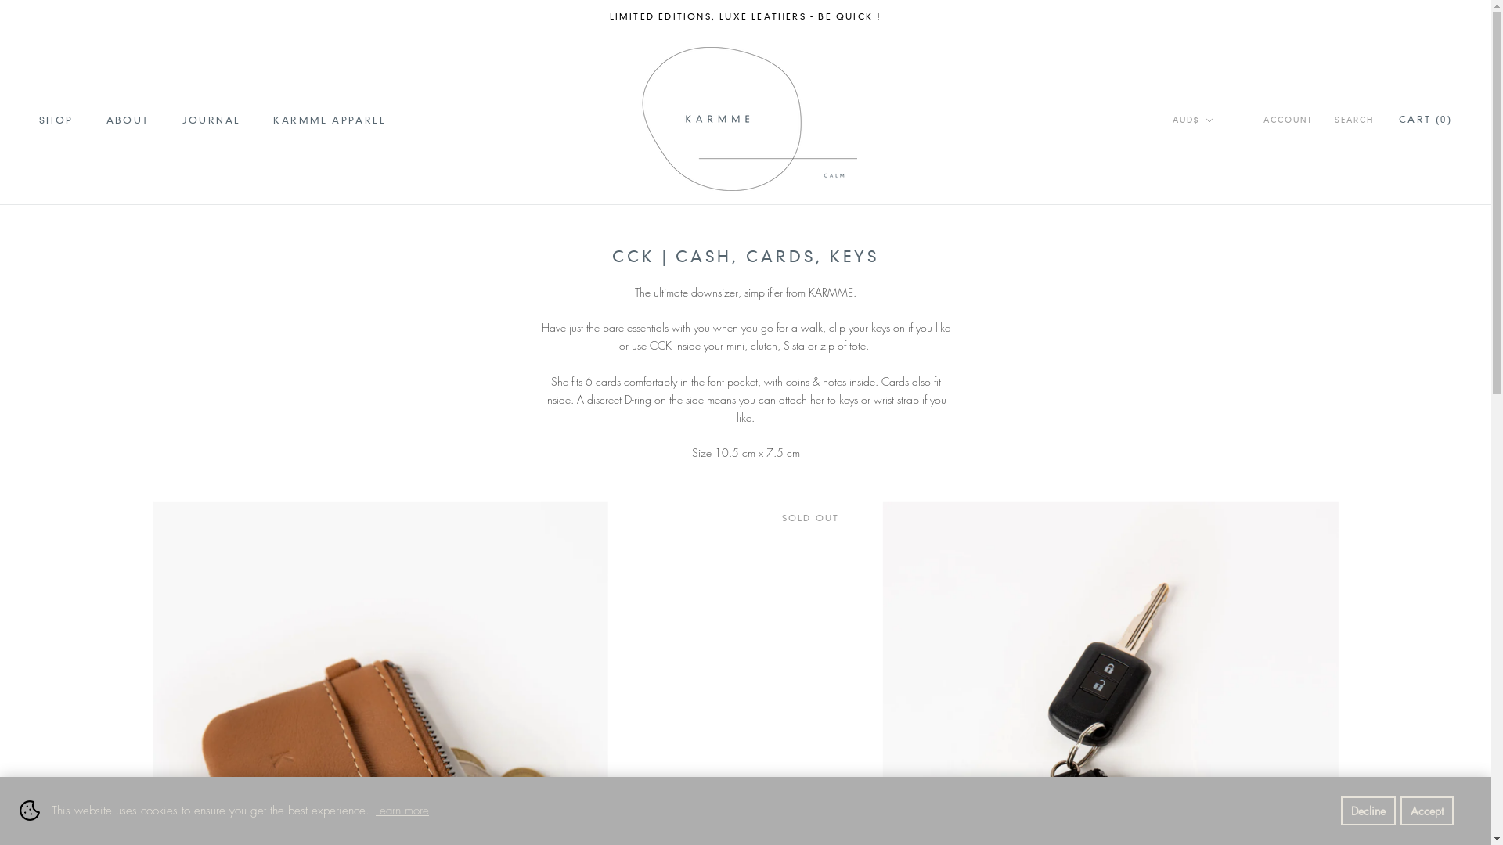  Describe the element at coordinates (1213, 215) in the screenshot. I see `'RUB'` at that location.